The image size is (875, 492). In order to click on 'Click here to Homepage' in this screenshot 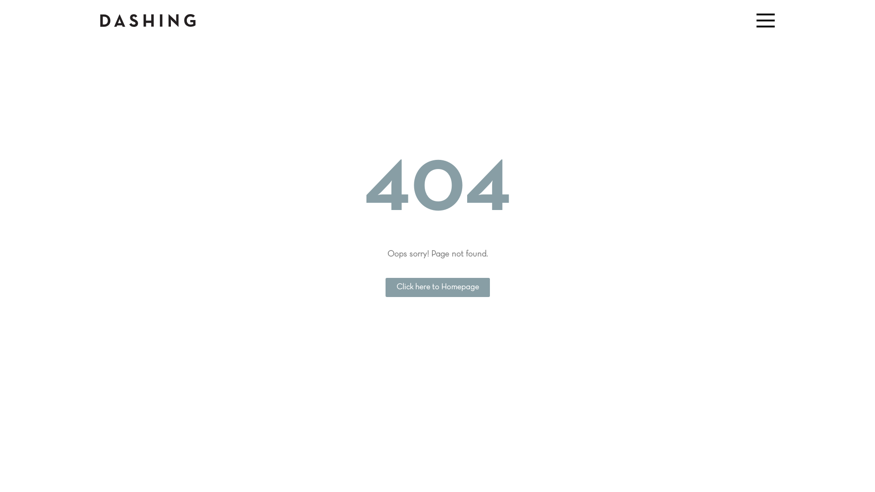, I will do `click(437, 287)`.